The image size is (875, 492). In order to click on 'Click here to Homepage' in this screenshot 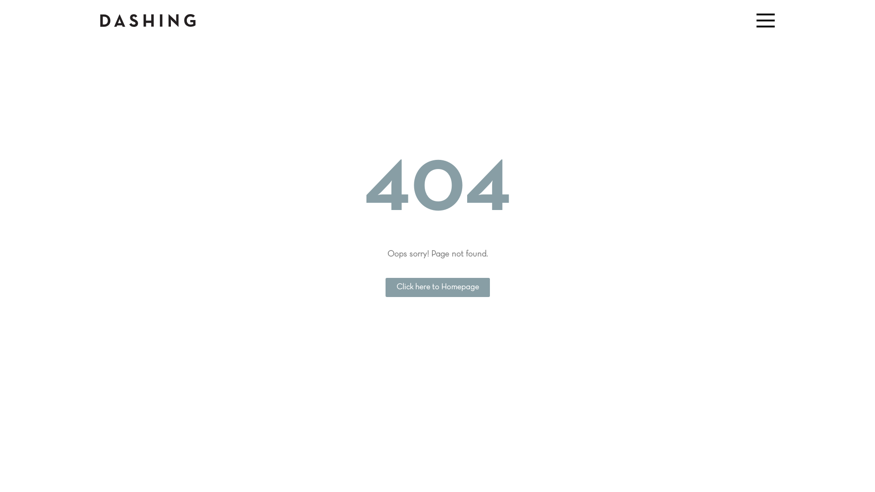, I will do `click(437, 287)`.